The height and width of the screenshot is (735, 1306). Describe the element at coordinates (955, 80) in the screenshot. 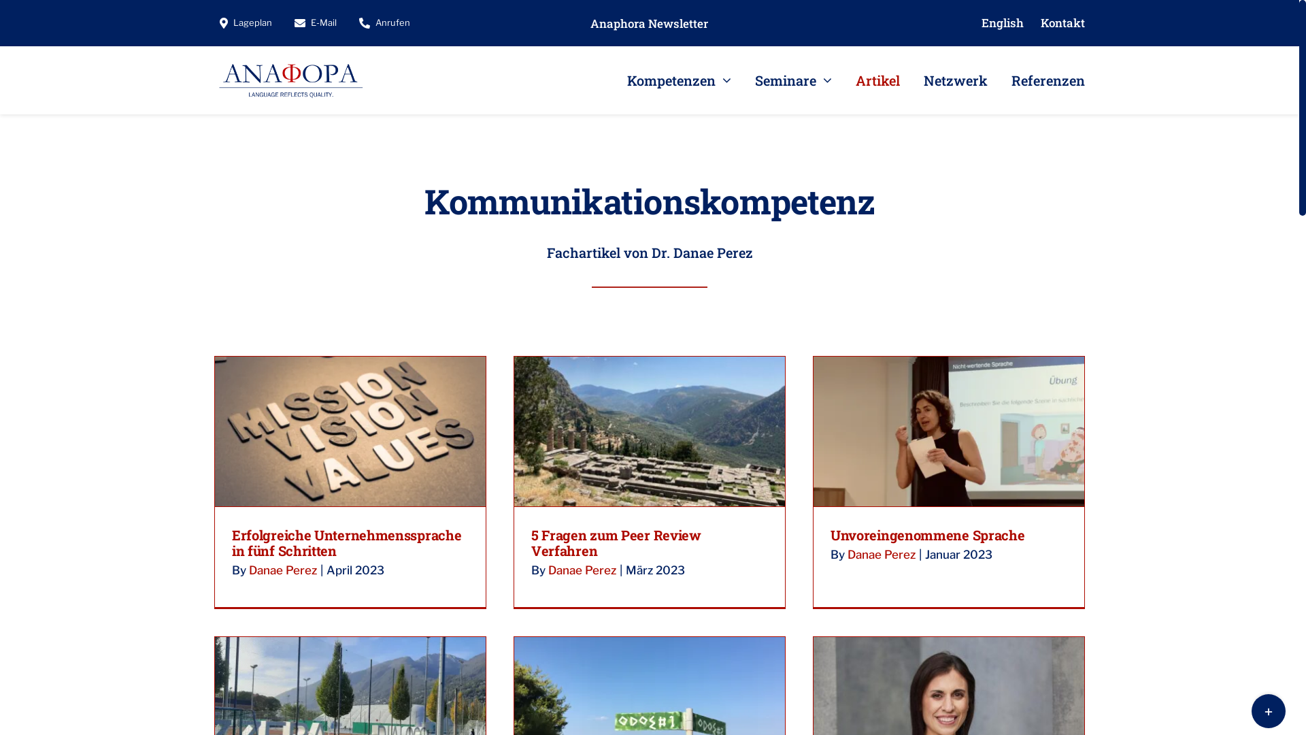

I see `'Netzwerk'` at that location.